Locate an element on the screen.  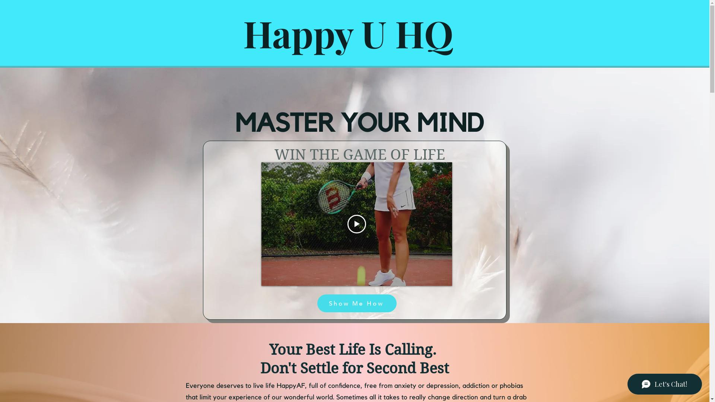
'Show Me How' is located at coordinates (317, 303).